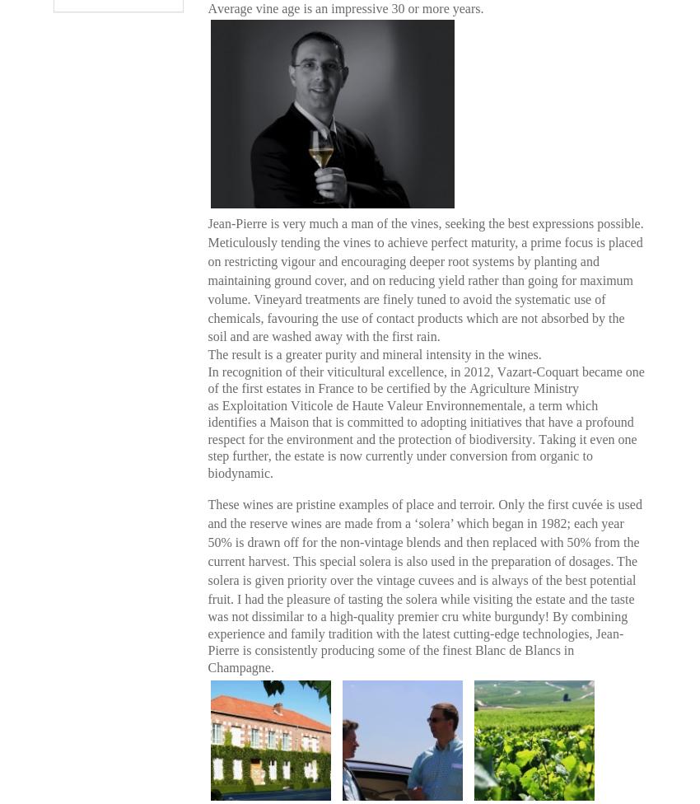 This screenshot has width=700, height=804. Describe the element at coordinates (424, 280) in the screenshot. I see `'Jean-Pierre is very much a man of the vines, seeking the best expressions possible. Meticulously tending the vines to achieve perfect maturity, a prime focus is placed on restricting vigour and encouraging deeper root systems by planting and maintaining ground cover, and on reducing yield rather than going for maximum volume. Vineyard treatments are finely tuned to avoid the systematic use of chemicals, favouring the use of contact products which are not absorbed by the soil and are washed away with the first rain.'` at that location.